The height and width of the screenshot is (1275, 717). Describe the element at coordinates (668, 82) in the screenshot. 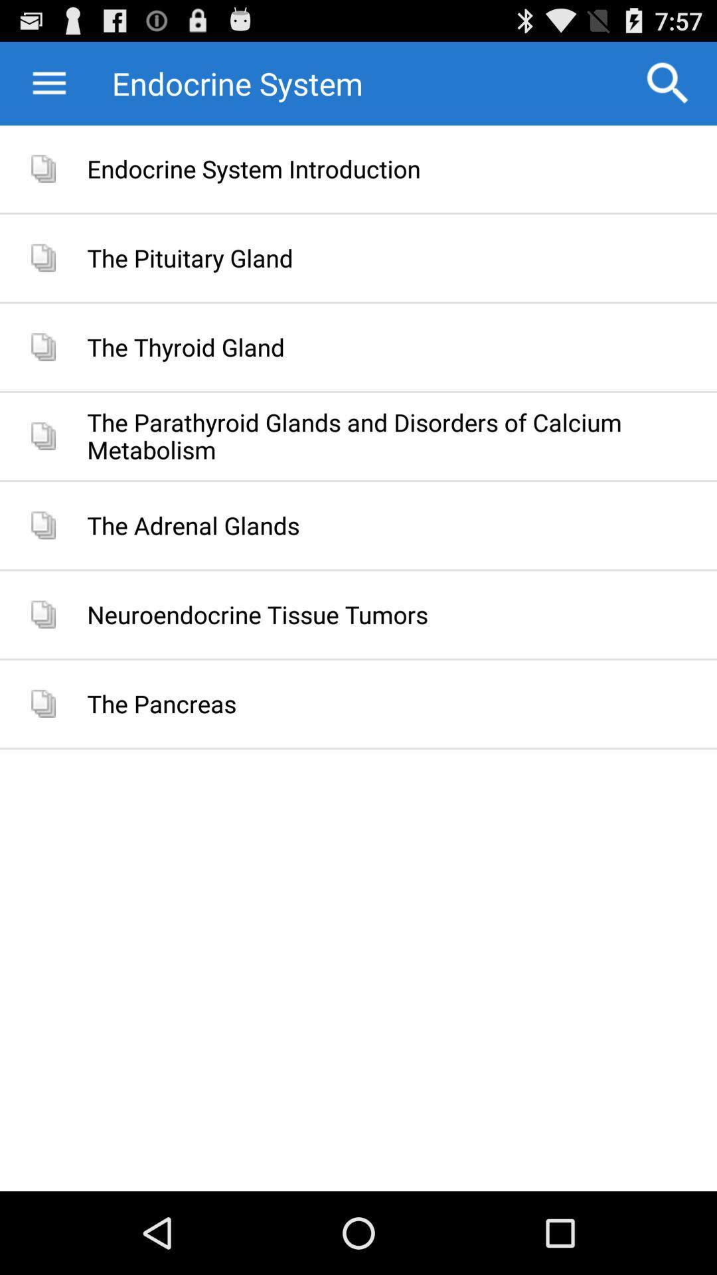

I see `search button` at that location.